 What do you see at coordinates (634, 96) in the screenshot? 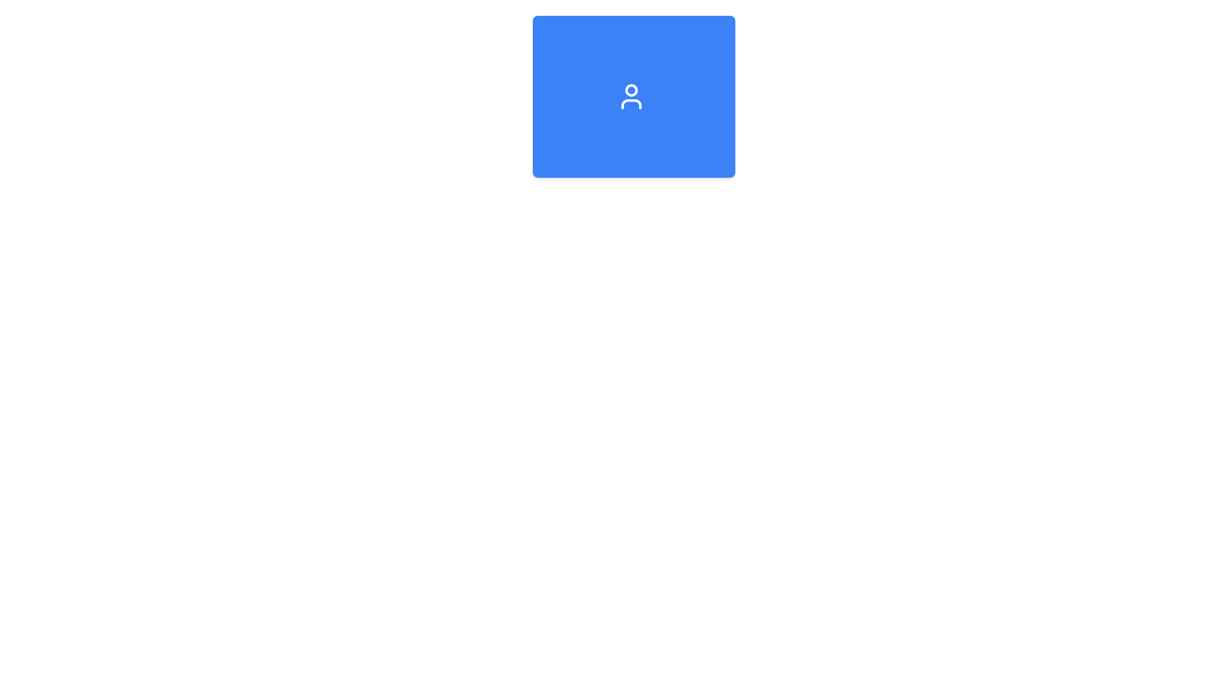
I see `the Clickable widget with a blue background and a white person icon` at bounding box center [634, 96].